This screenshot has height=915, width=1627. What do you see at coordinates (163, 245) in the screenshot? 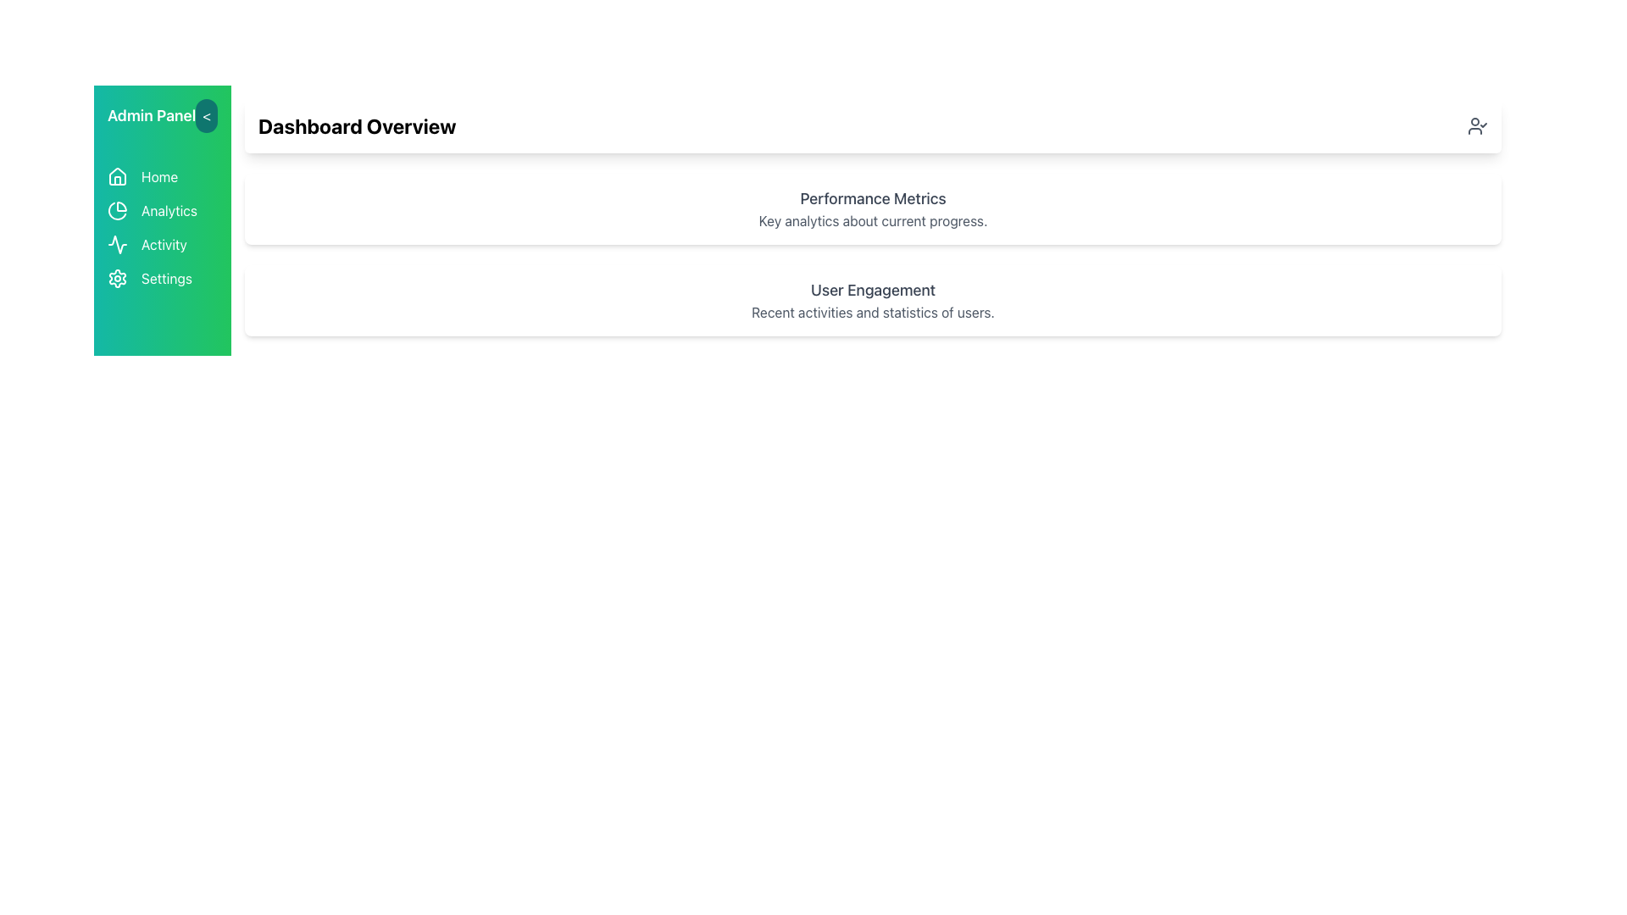
I see `the 'Activity' button in the sidebar` at bounding box center [163, 245].